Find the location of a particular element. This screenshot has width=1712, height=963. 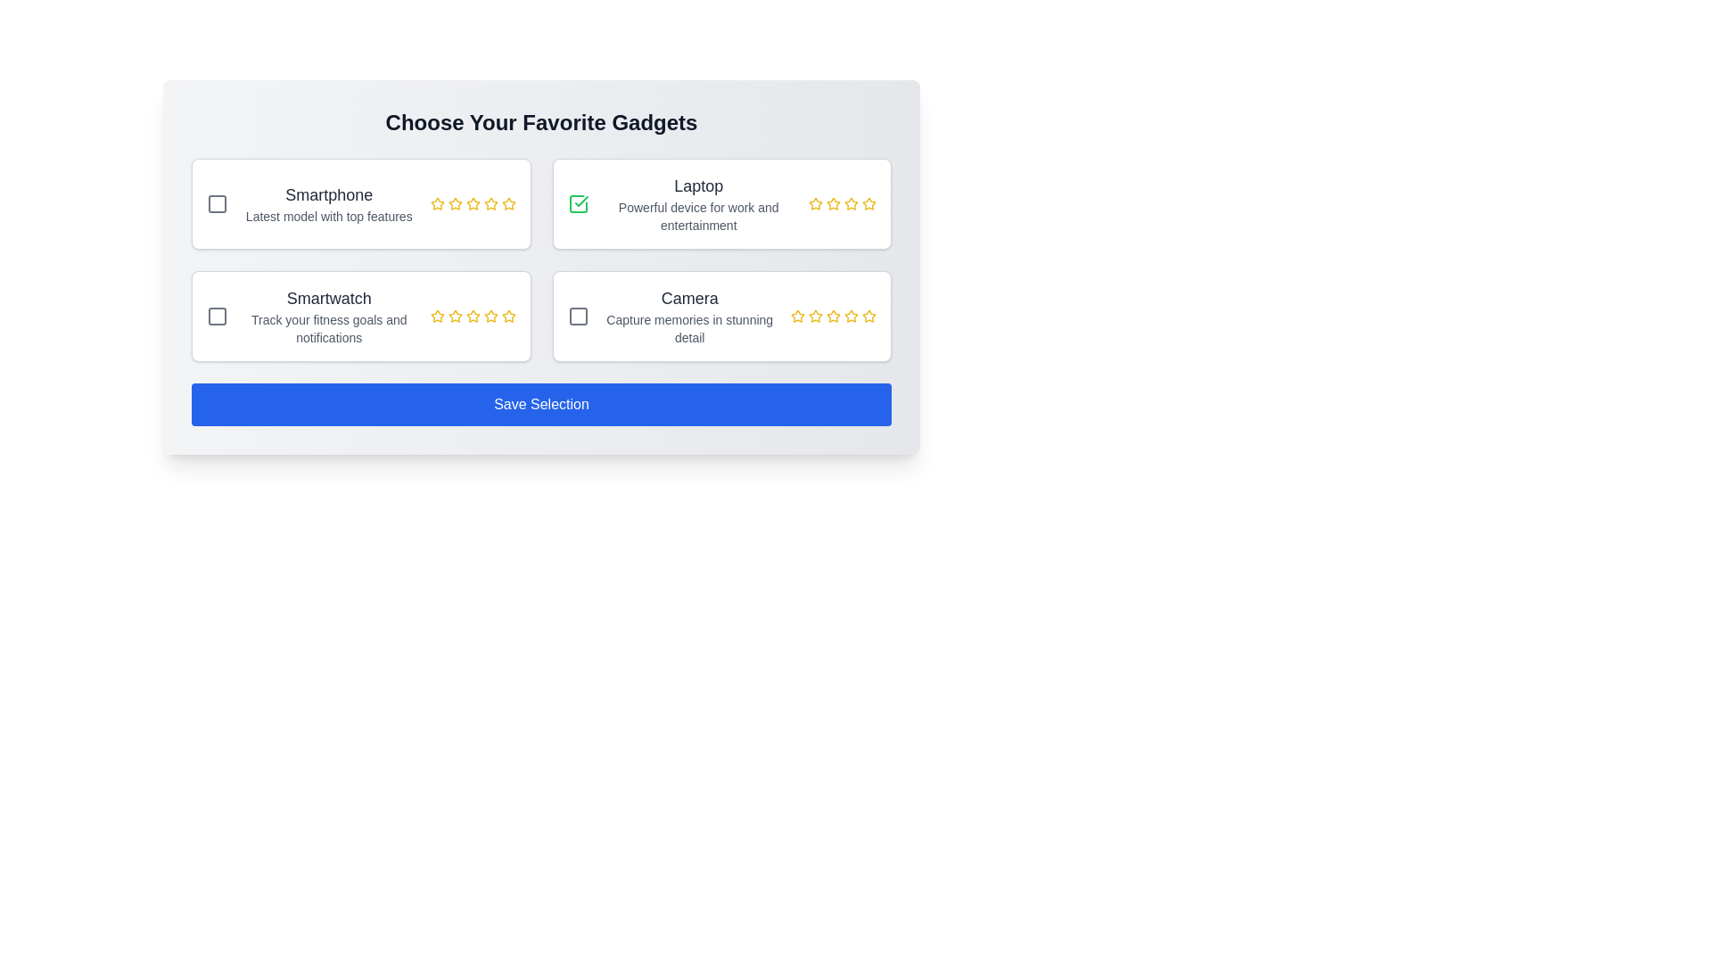

the checkbox indicator for the 'Camera' option in the 'Choose Your Favorite Gadgets' interface is located at coordinates (578, 315).